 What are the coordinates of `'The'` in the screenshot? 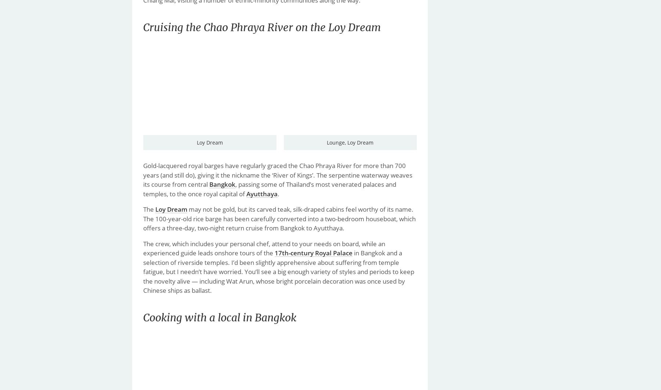 It's located at (149, 209).